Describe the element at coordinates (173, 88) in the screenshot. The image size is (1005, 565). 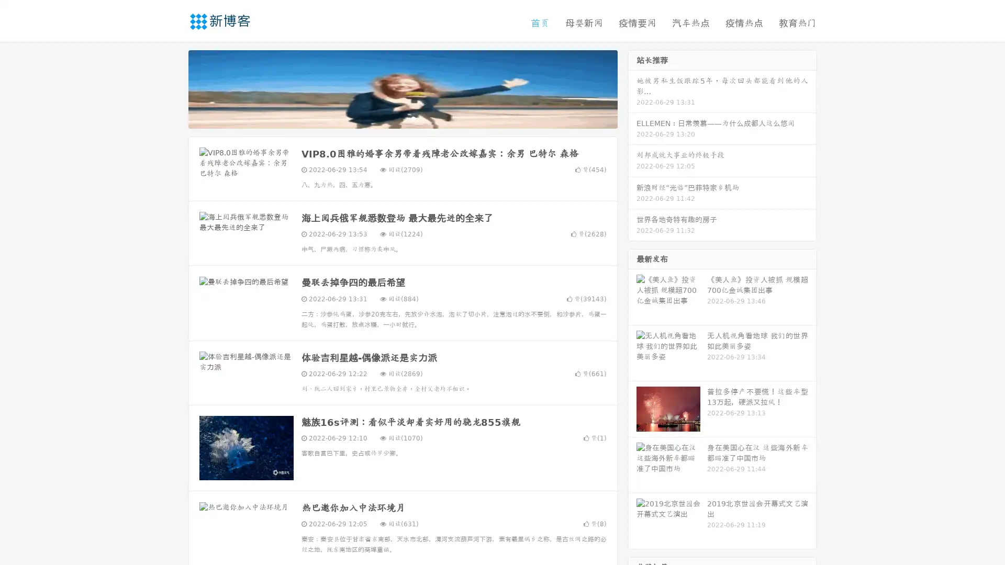
I see `Previous slide` at that location.